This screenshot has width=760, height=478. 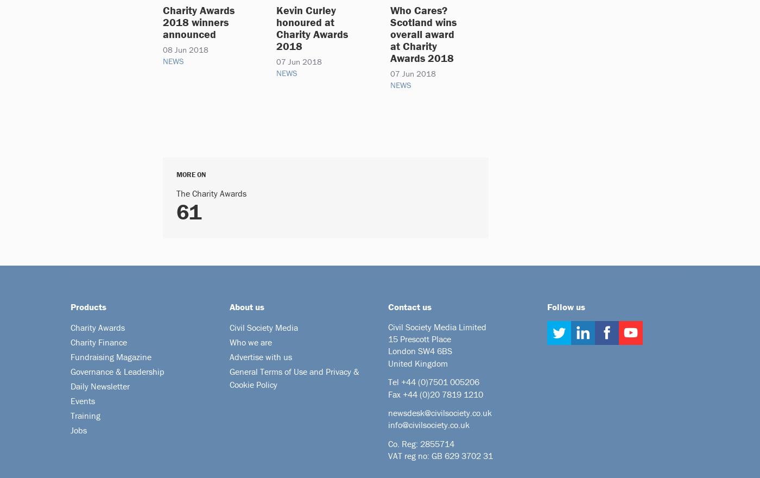 What do you see at coordinates (448, 382) in the screenshot?
I see `'(0)7501 005206'` at bounding box center [448, 382].